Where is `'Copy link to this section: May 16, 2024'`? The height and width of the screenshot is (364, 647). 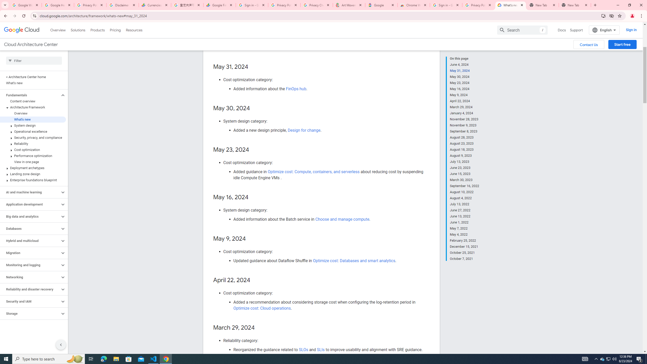
'Copy link to this section: May 16, 2024' is located at coordinates (253, 197).